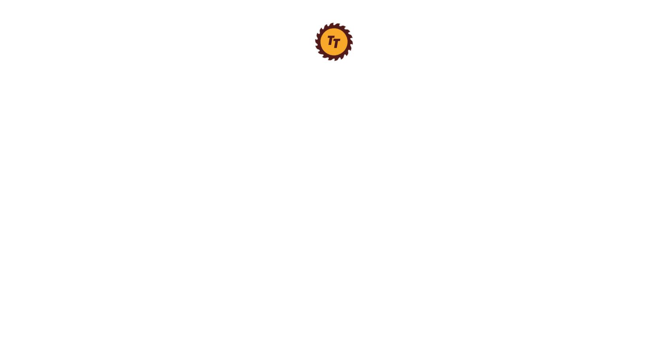 This screenshot has height=353, width=668. I want to click on 'Long Nose Pliers', so click(156, 54).